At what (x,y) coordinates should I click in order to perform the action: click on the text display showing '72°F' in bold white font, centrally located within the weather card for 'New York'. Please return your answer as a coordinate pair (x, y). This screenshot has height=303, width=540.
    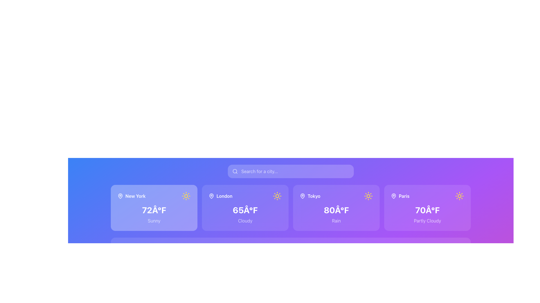
    Looking at the image, I should click on (154, 210).